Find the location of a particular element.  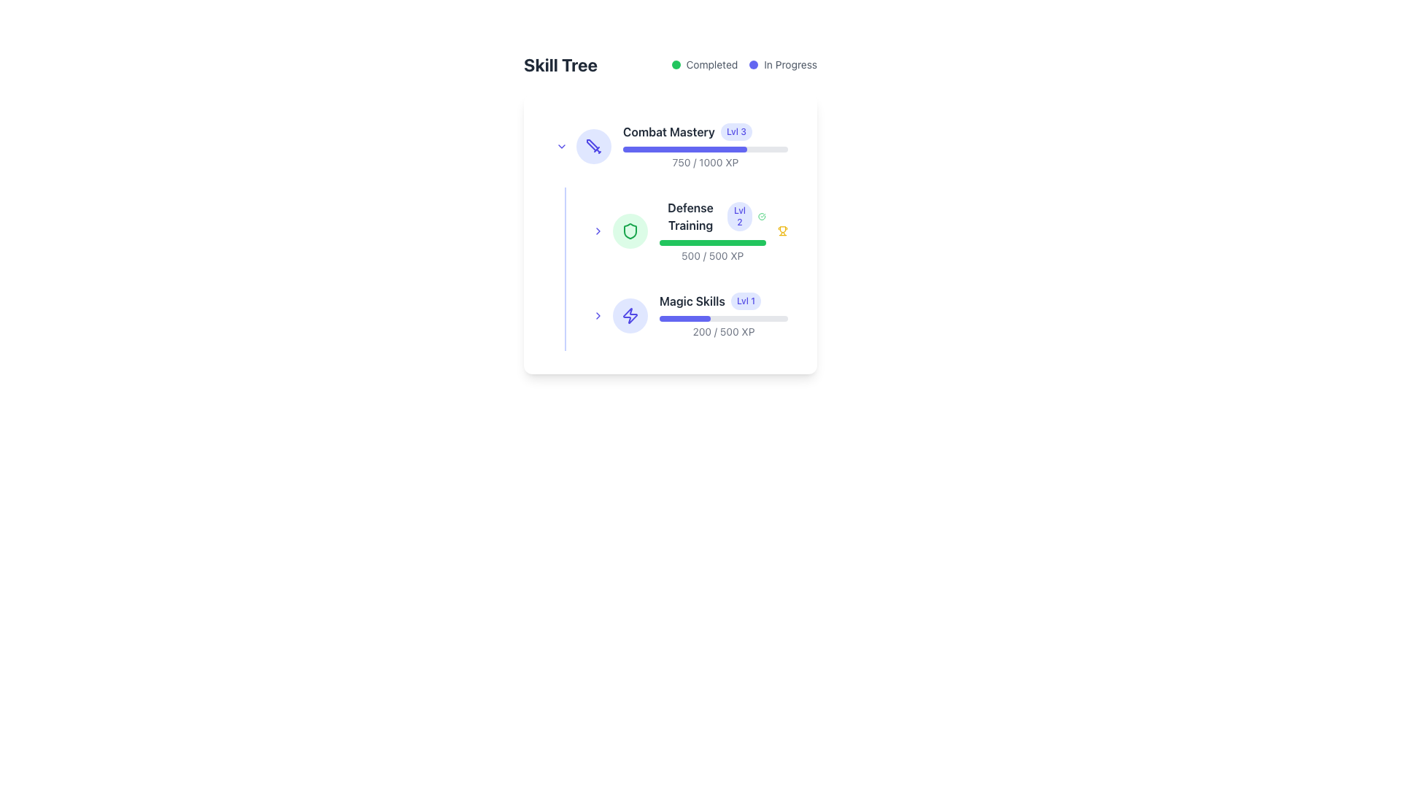

the label displaying 'Lvl 1', which is visually represented with a light indigo background and indigo text, located to the right of 'Magic Skills' in the skill progress section is located at coordinates (746, 300).